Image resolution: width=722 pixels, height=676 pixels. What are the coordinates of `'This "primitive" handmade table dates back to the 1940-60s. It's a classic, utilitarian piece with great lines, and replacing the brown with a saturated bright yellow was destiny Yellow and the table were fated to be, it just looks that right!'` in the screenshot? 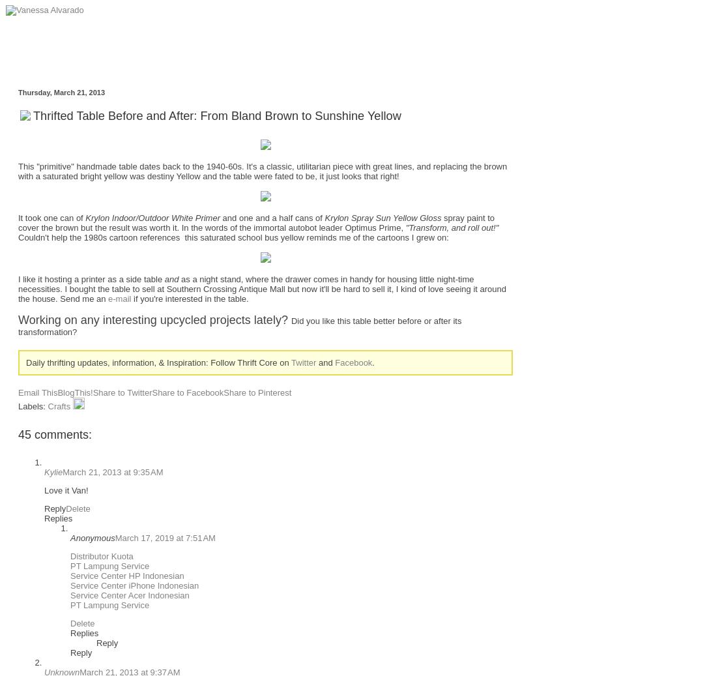 It's located at (18, 170).